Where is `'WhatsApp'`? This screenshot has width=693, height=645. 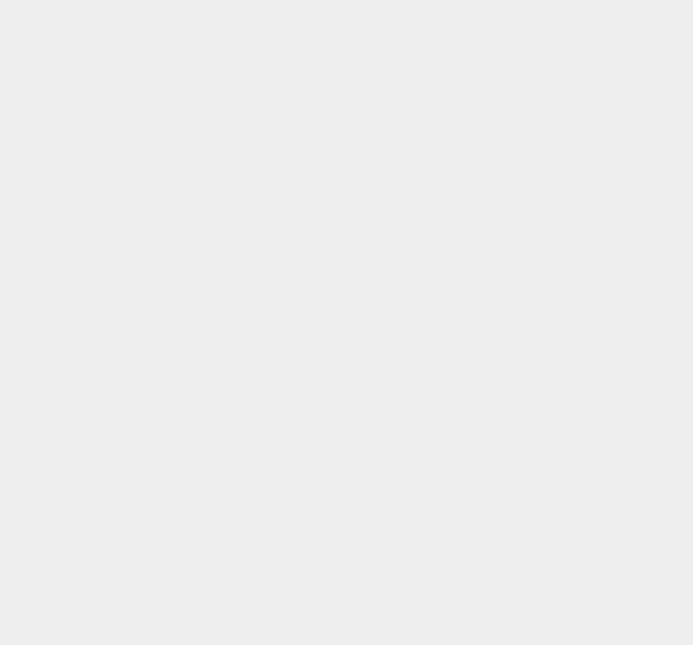
'WhatsApp' is located at coordinates (509, 38).